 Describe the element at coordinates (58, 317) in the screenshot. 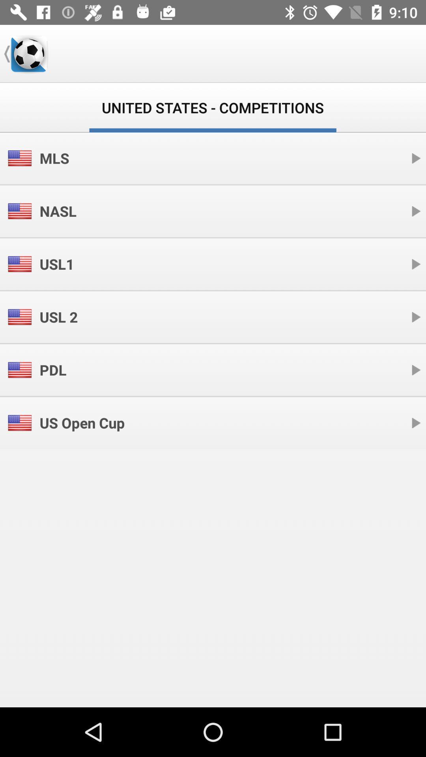

I see `usl 2` at that location.